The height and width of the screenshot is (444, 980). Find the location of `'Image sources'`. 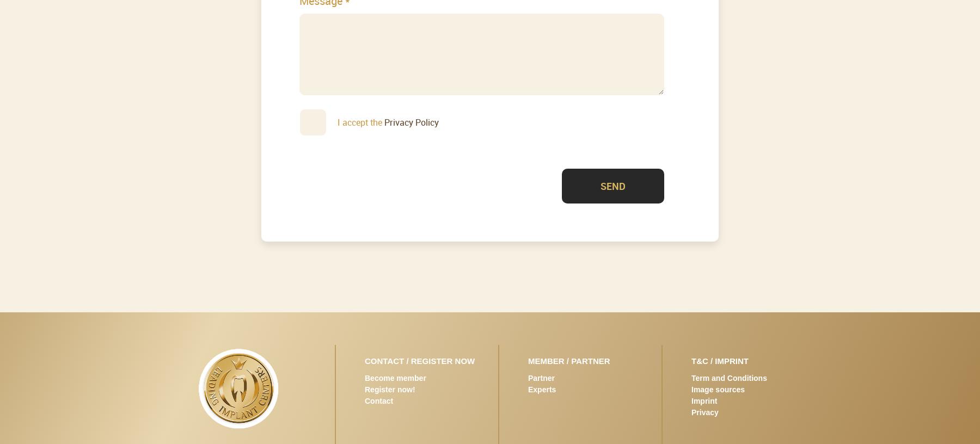

'Image sources' is located at coordinates (691, 388).